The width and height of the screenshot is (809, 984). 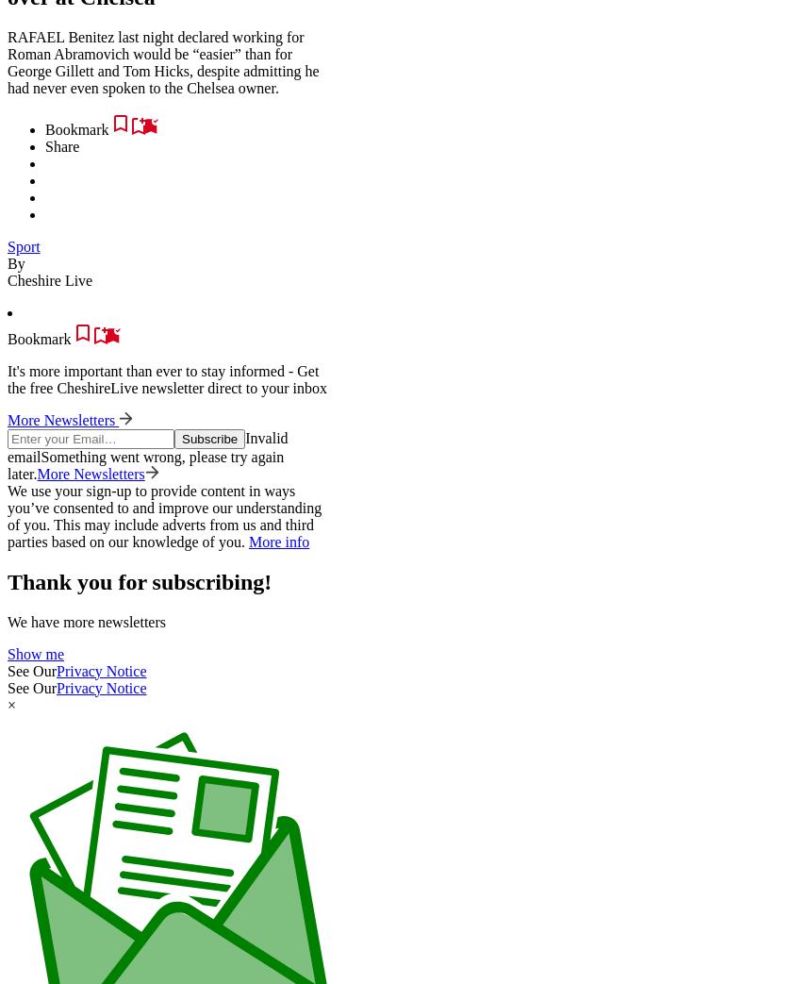 What do you see at coordinates (23, 245) in the screenshot?
I see `'Sport'` at bounding box center [23, 245].